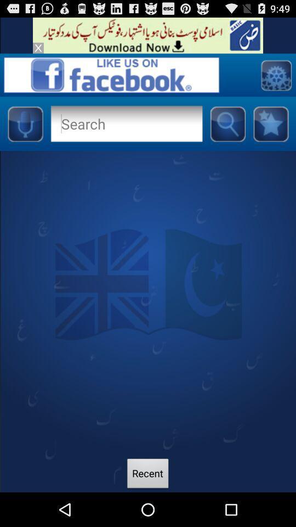 Image resolution: width=296 pixels, height=527 pixels. What do you see at coordinates (148, 35) in the screenshot?
I see `download` at bounding box center [148, 35].